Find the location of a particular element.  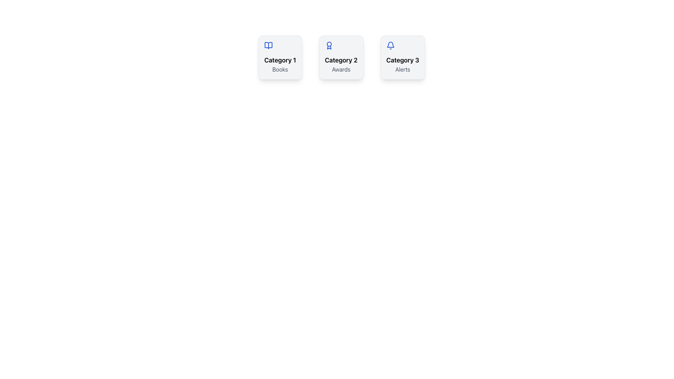

the second button in the horizontal arrangement of category elements, which has a light gray background and contains the text 'Category 2' and 'Awards' is located at coordinates (341, 57).